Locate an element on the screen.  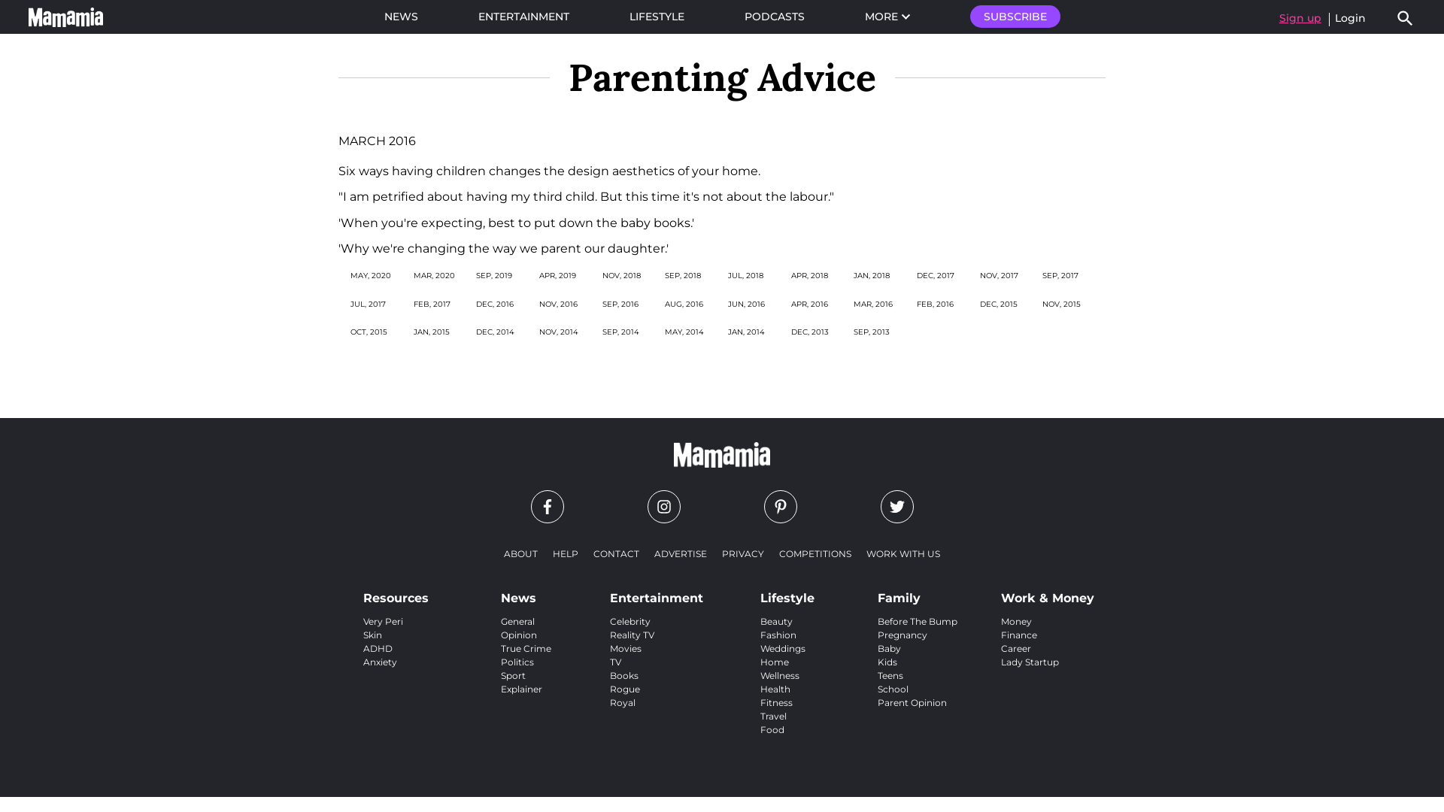
'Work & Money' is located at coordinates (1046, 593).